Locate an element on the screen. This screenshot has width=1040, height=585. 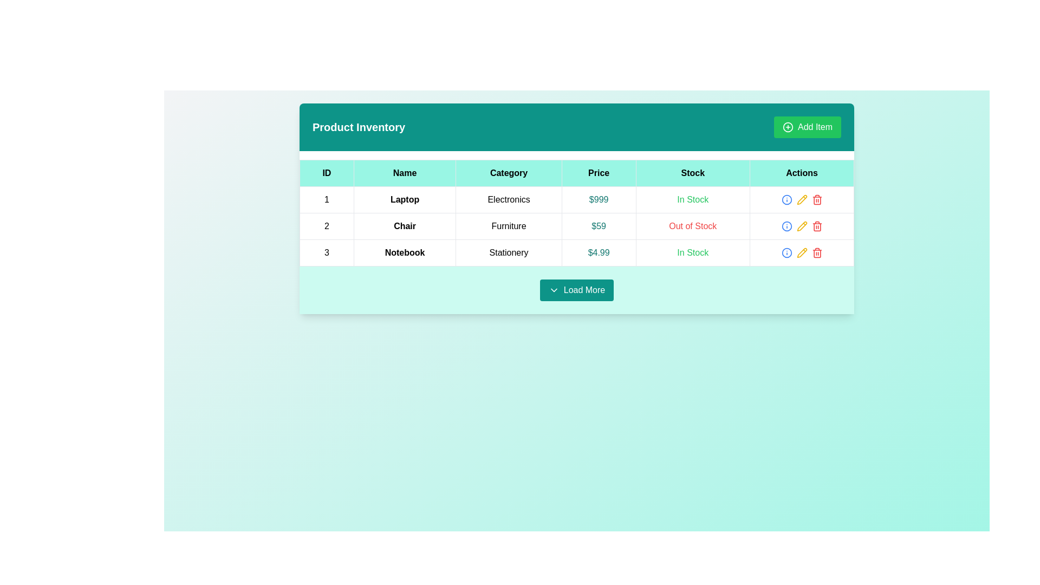
the Text Label displaying the price of the laptop in the 'Product Inventory' table located in the fourth column of the first row is located at coordinates (598, 200).